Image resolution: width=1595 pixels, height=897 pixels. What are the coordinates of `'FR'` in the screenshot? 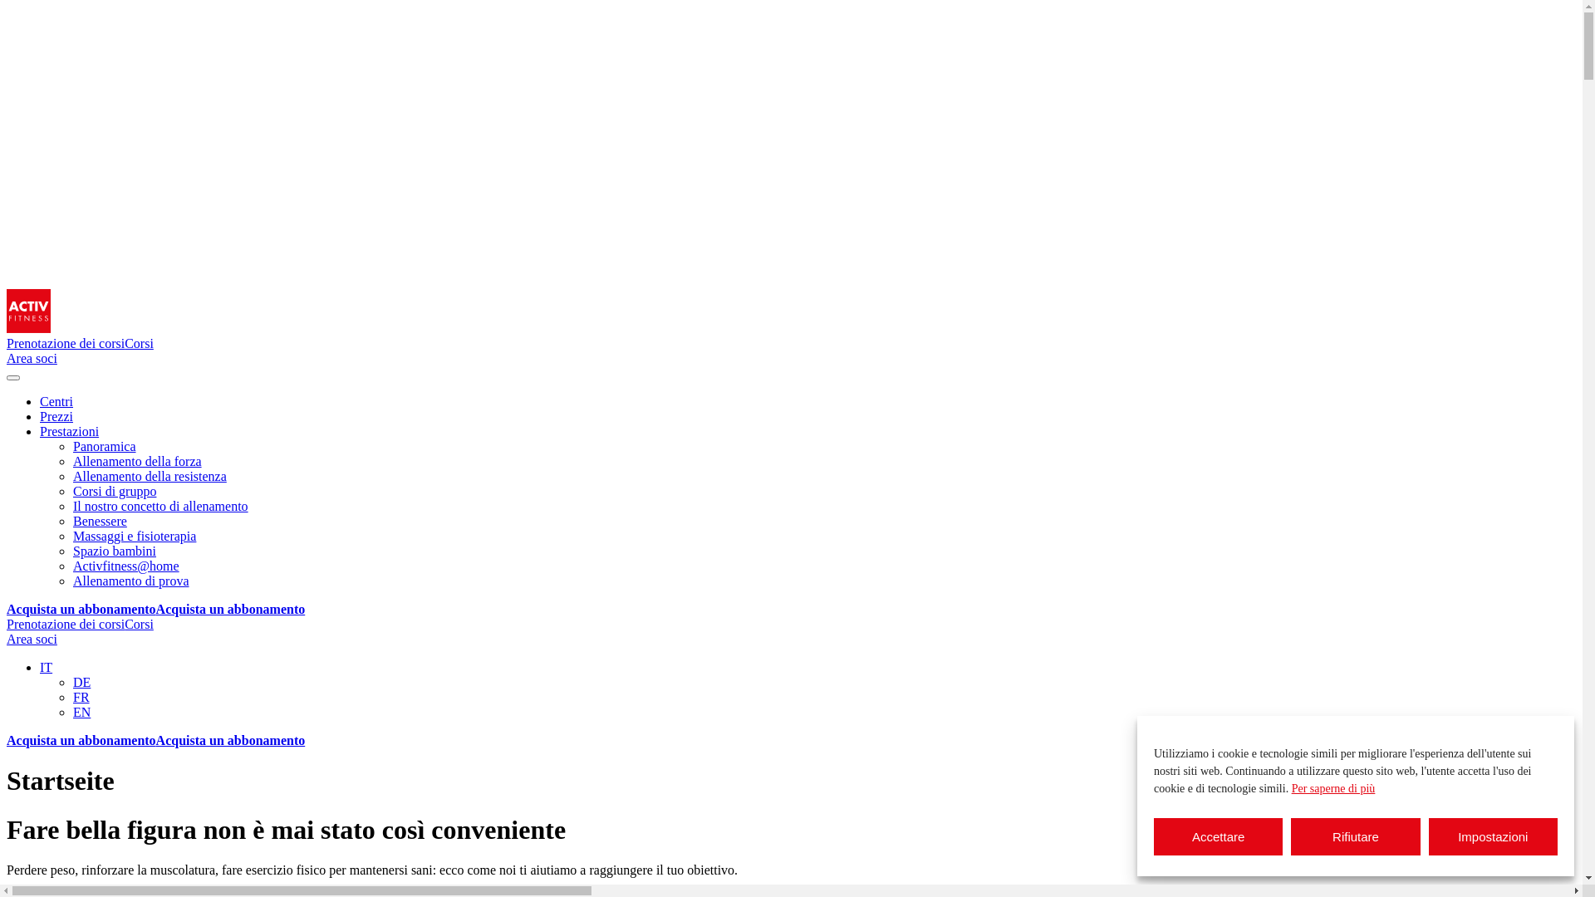 It's located at (80, 697).